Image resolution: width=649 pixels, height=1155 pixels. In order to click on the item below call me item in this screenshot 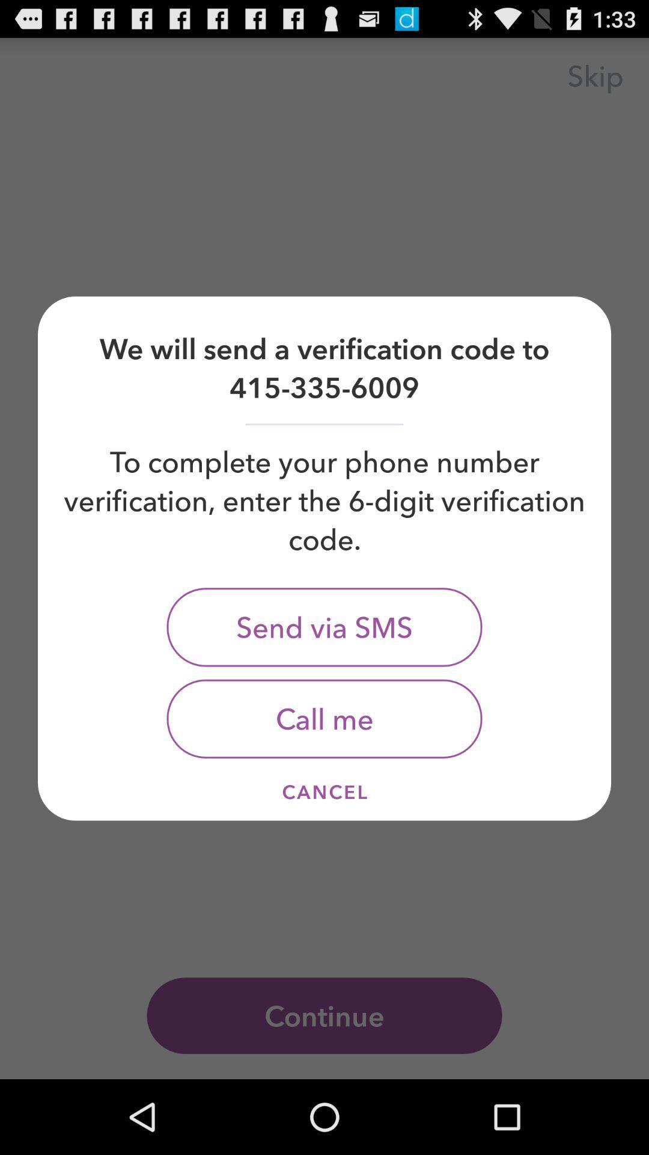, I will do `click(324, 792)`.